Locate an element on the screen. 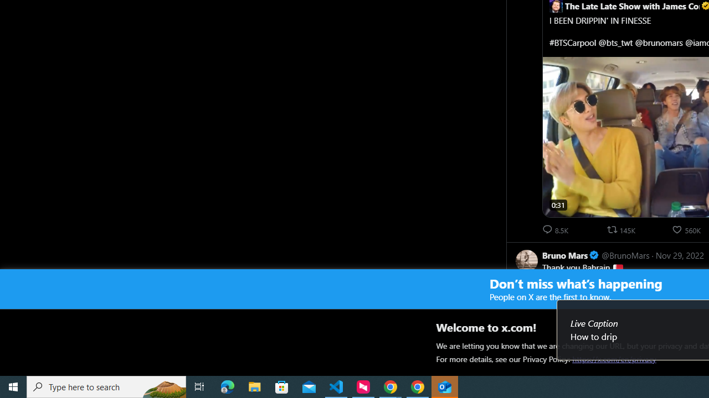 This screenshot has width=709, height=398. 'Bruno Mars Verified account' is located at coordinates (571, 255).